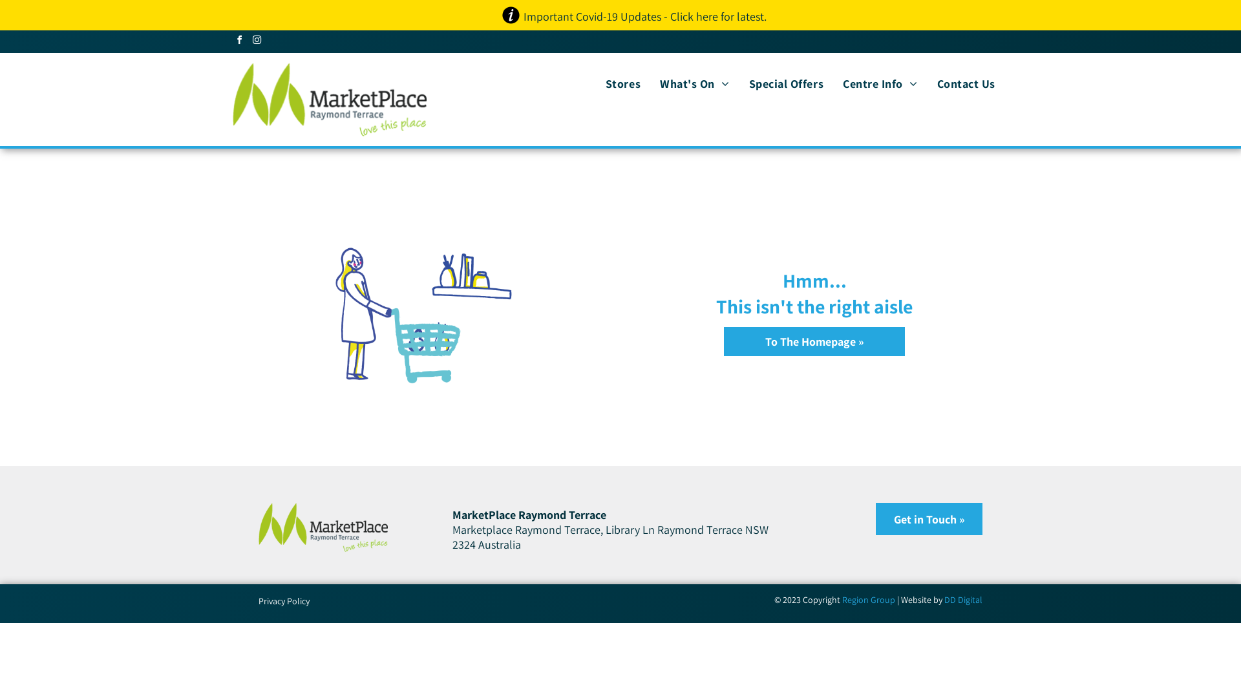 This screenshot has height=698, width=1241. What do you see at coordinates (833, 83) in the screenshot?
I see `'Centre Info'` at bounding box center [833, 83].